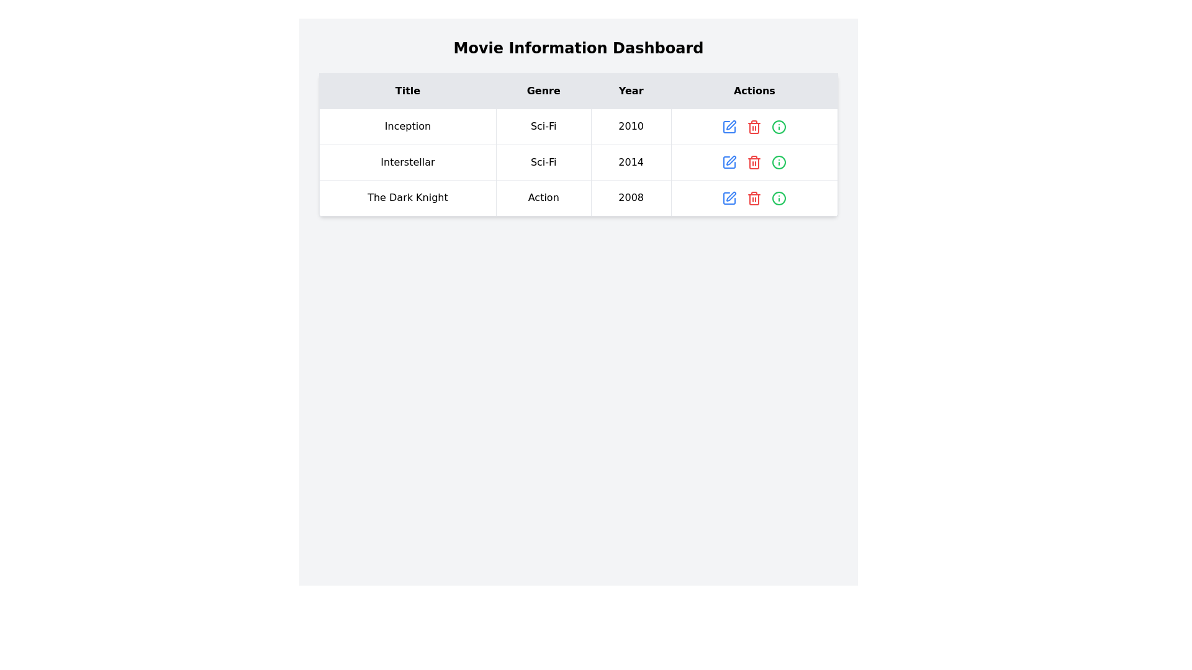 The image size is (1192, 670). What do you see at coordinates (543, 161) in the screenshot?
I see `the Table Cell containing the text 'Sci-Fi' located in the second row under the 'Genre' column of the table` at bounding box center [543, 161].